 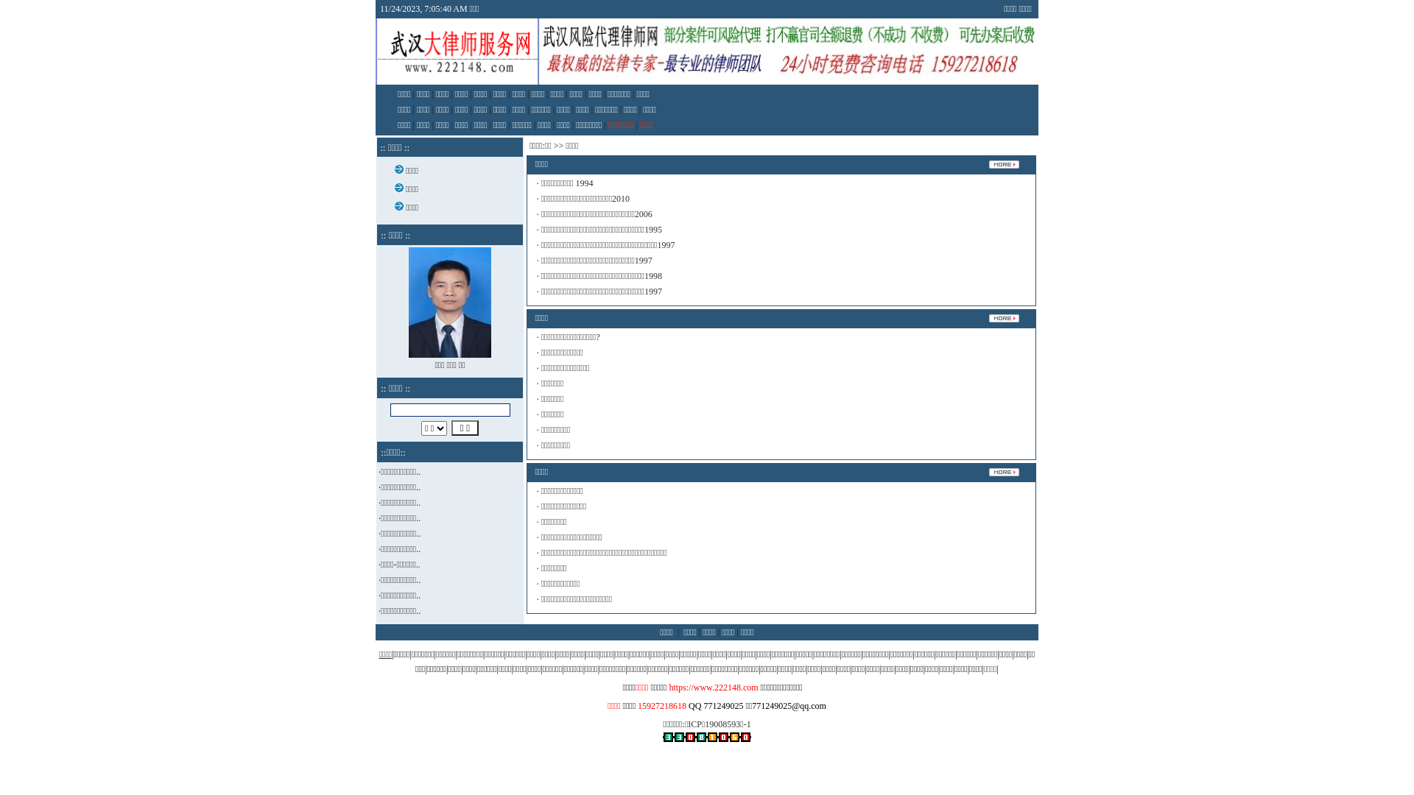 I want to click on 'https://www.222148.com', so click(x=667, y=687).